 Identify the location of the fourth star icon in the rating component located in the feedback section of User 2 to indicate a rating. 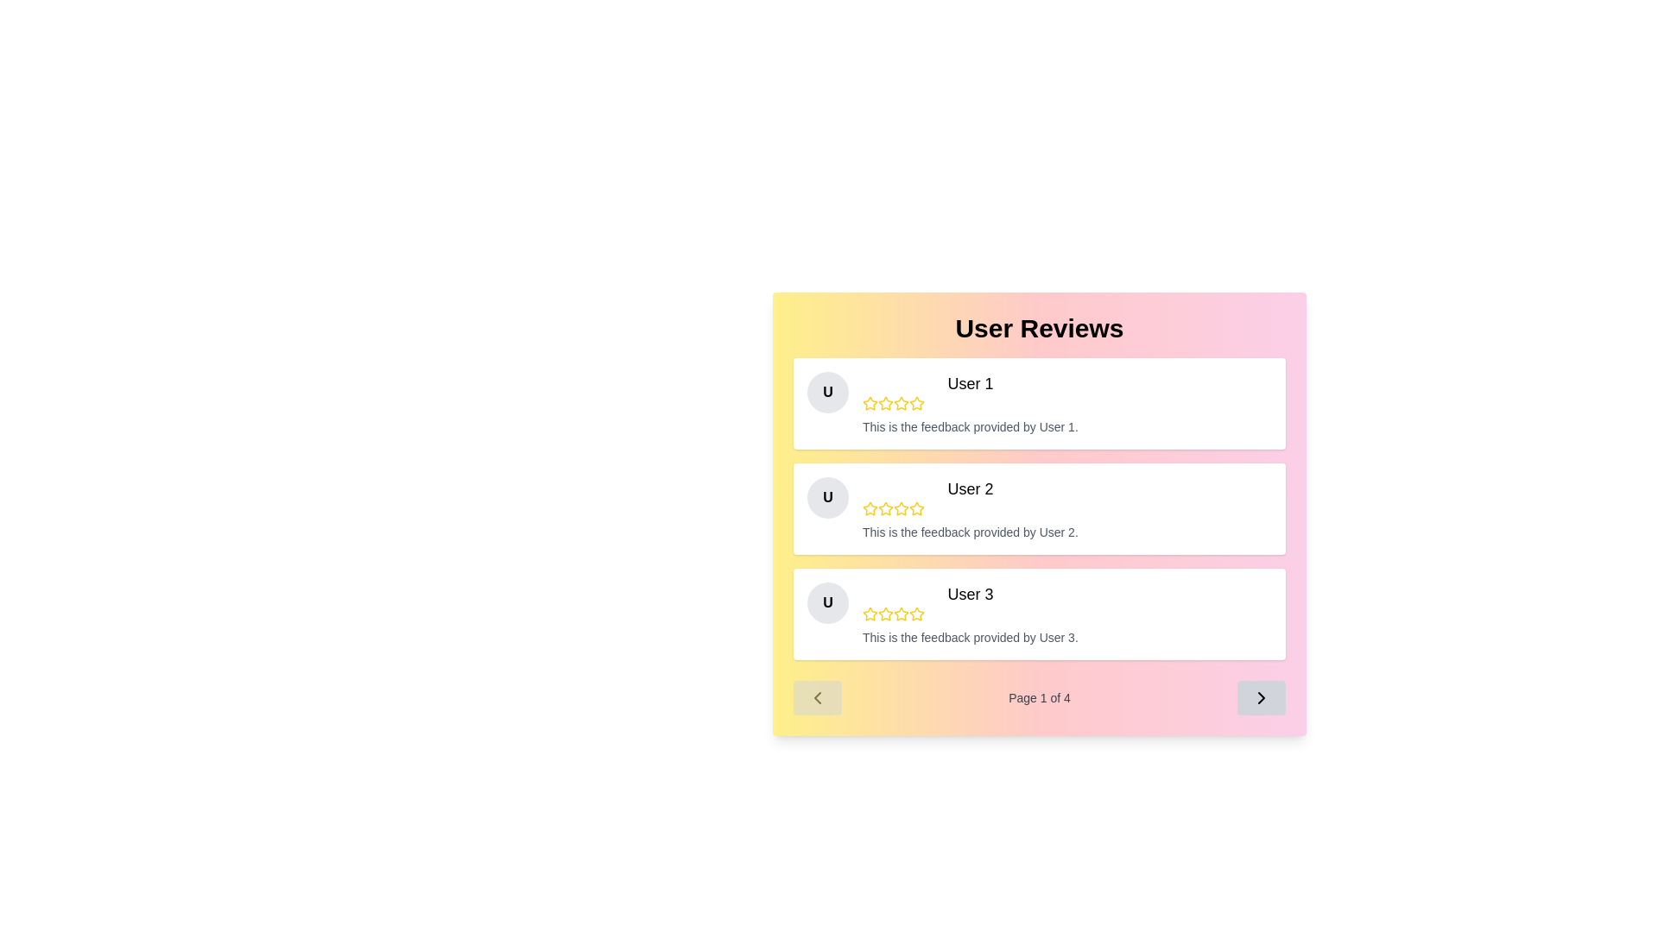
(900, 508).